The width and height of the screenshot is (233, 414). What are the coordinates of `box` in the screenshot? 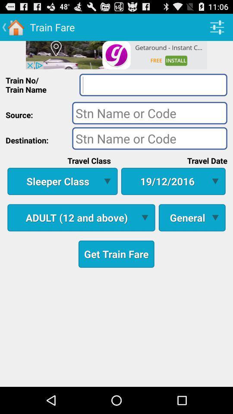 It's located at (153, 85).